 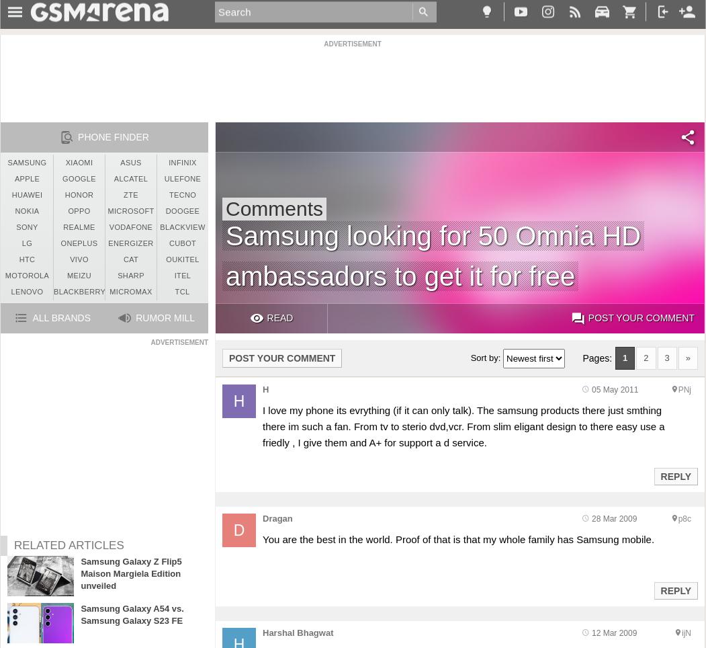 I want to click on 'Harshal Bhagwat', so click(x=298, y=633).